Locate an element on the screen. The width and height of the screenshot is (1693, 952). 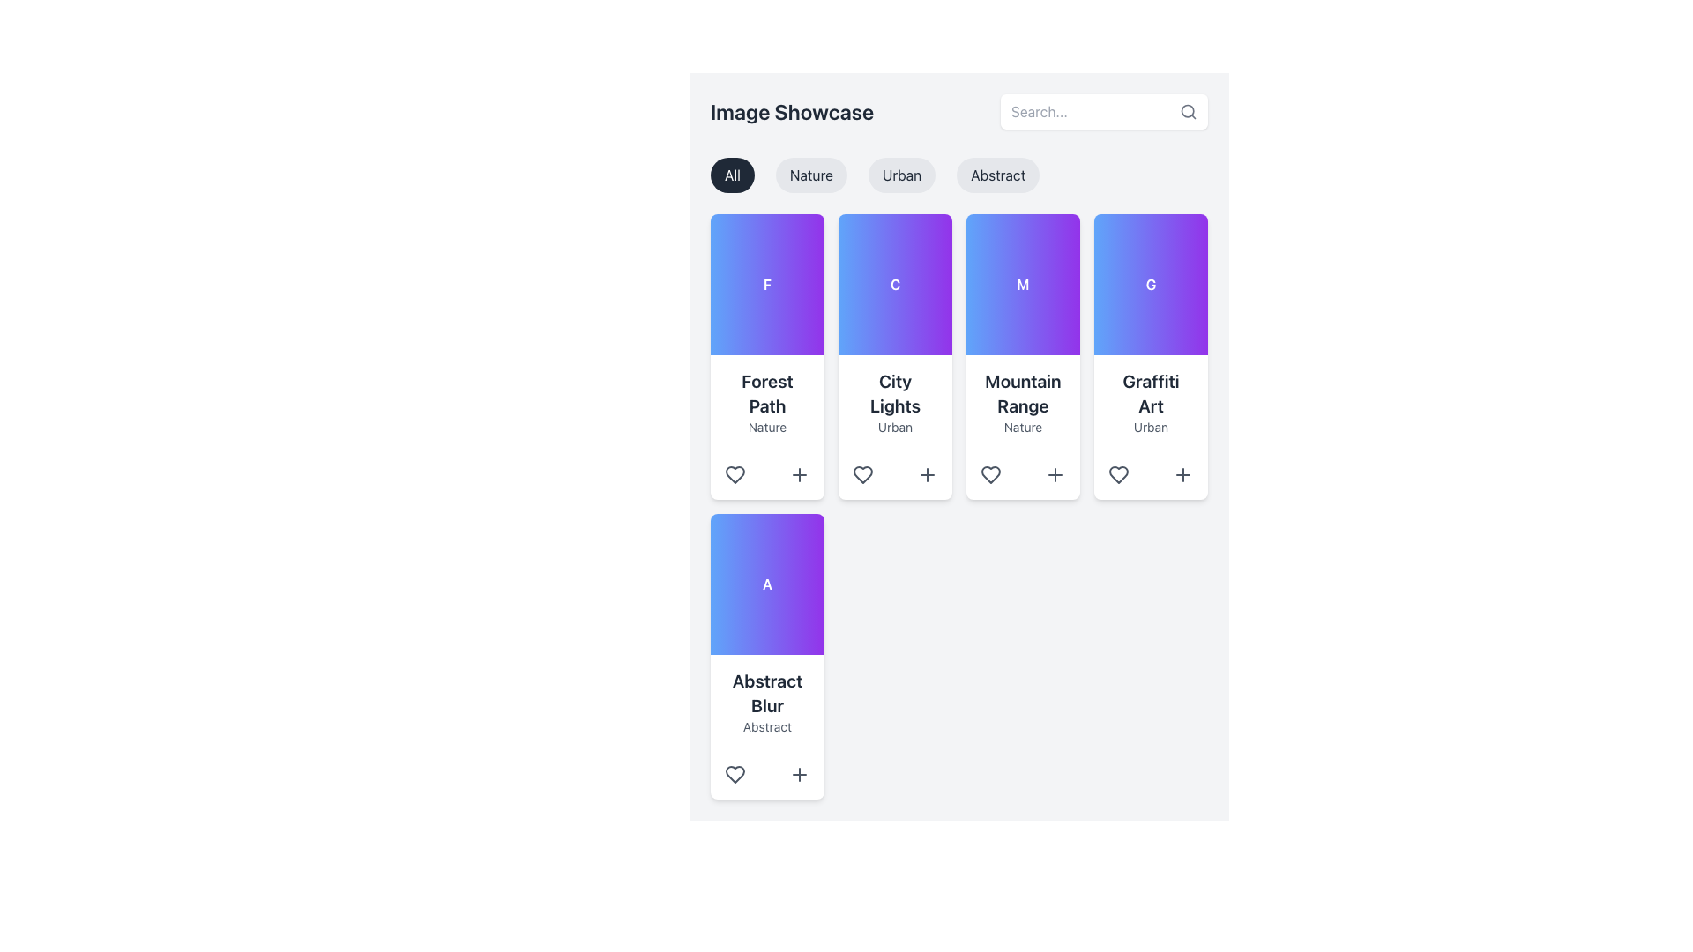
the Multi-line text block element that features 'Abstract Blur' in bold and 'Abstract' in smaller text, located in the lower section of the leftmost card in the third row is located at coordinates (767, 702).